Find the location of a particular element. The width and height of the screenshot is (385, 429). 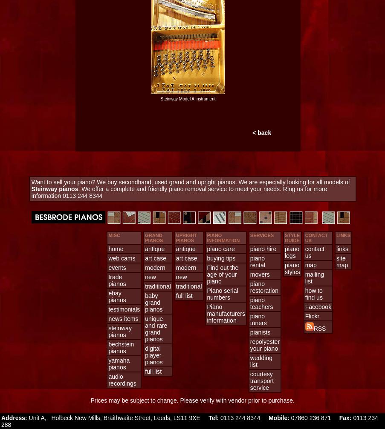

'map' is located at coordinates (304, 265).